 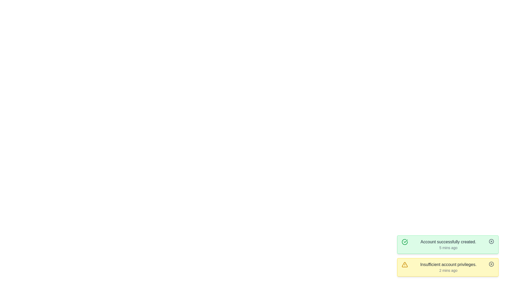 I want to click on the triangular warning icon with a yellow outline inside the notification box stating 'Insufficient account privileges.', so click(x=404, y=264).